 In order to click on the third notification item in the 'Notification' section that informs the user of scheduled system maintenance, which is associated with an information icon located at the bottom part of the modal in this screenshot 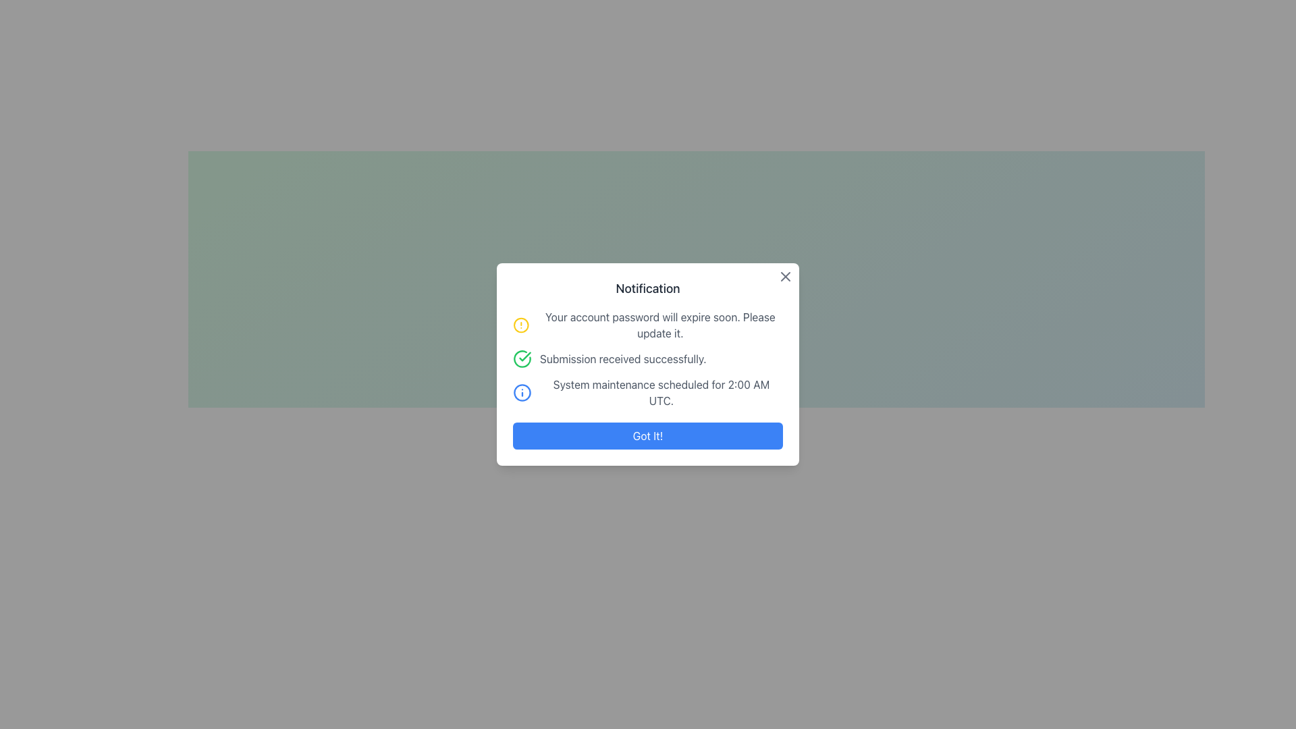, I will do `click(661, 393)`.